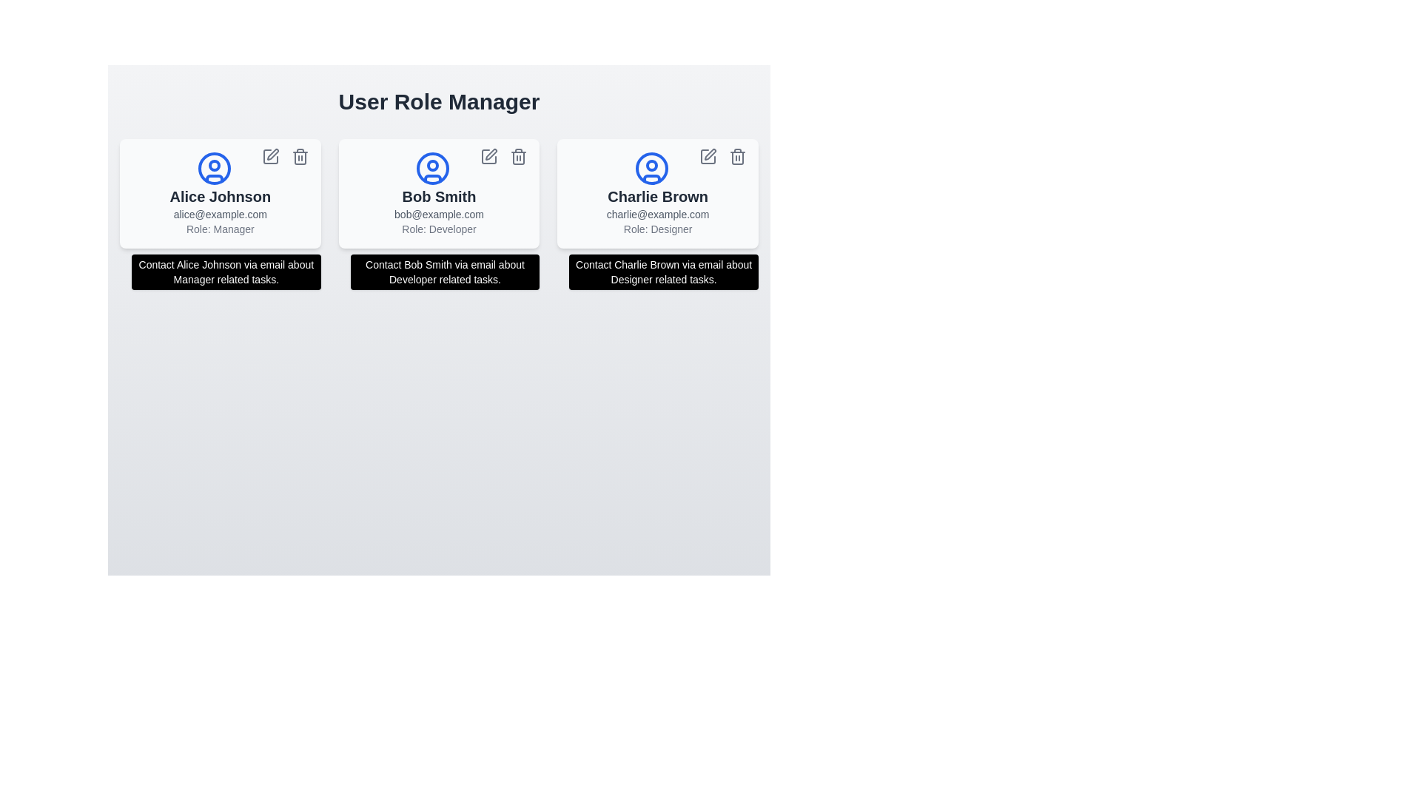 The width and height of the screenshot is (1421, 799). I want to click on information displayed in the tooltip that provides details about contacting 'Charlie Brown' for 'Designer related tasks.', so click(663, 272).